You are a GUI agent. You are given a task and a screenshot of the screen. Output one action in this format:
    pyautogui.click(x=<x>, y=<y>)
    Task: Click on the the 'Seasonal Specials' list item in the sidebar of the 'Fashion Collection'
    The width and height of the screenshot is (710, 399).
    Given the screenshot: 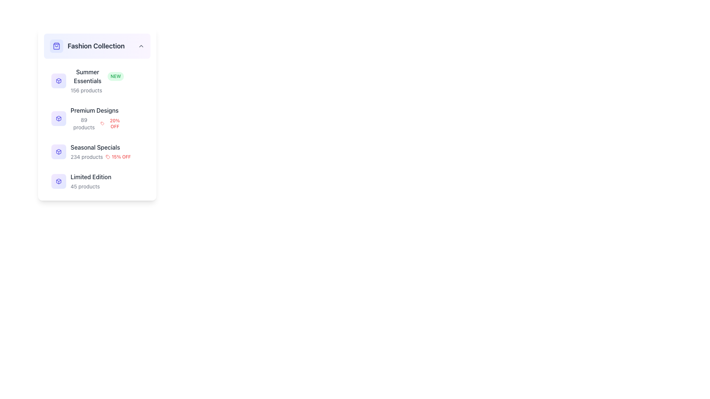 What is the action you would take?
    pyautogui.click(x=103, y=151)
    